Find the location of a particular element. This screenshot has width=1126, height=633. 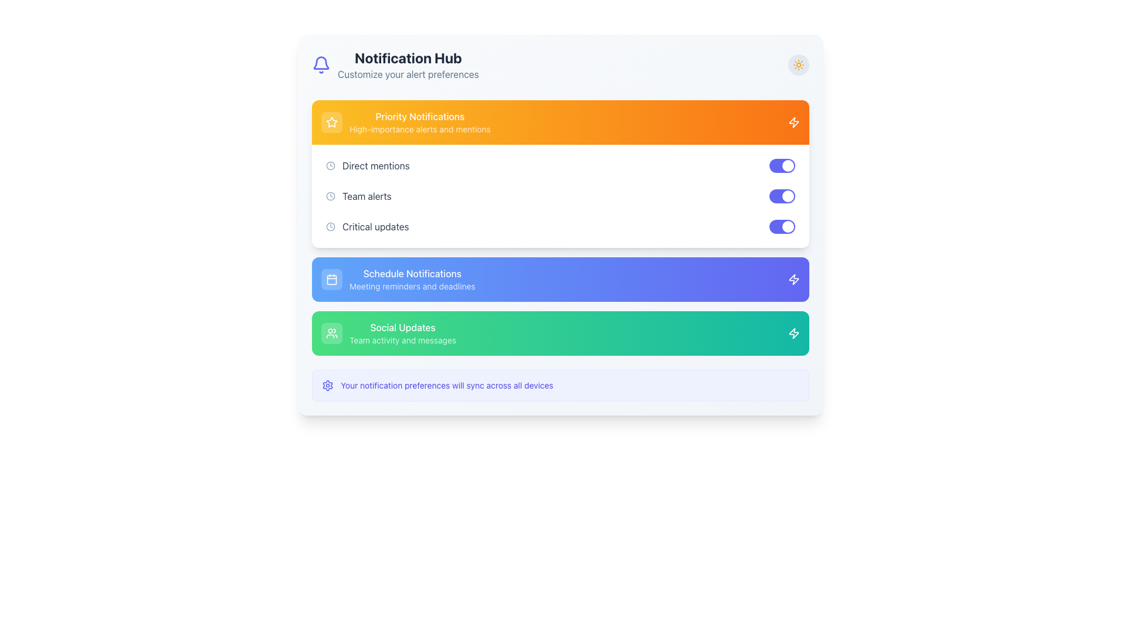

the third Interactive Card in the vertical list of notification settings is located at coordinates (559, 333).